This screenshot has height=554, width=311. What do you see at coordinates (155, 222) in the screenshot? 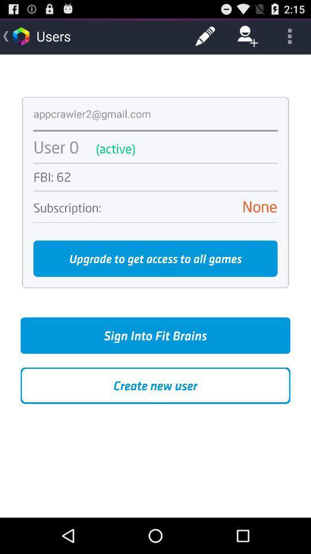
I see `the icon above the upgrade to get item` at bounding box center [155, 222].